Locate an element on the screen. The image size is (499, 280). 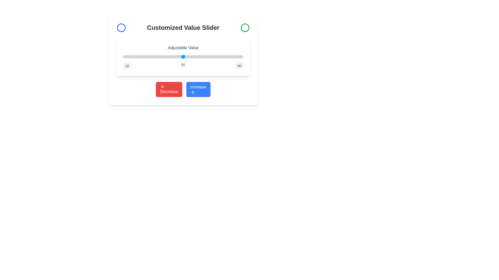
the slider's value is located at coordinates (180, 57).